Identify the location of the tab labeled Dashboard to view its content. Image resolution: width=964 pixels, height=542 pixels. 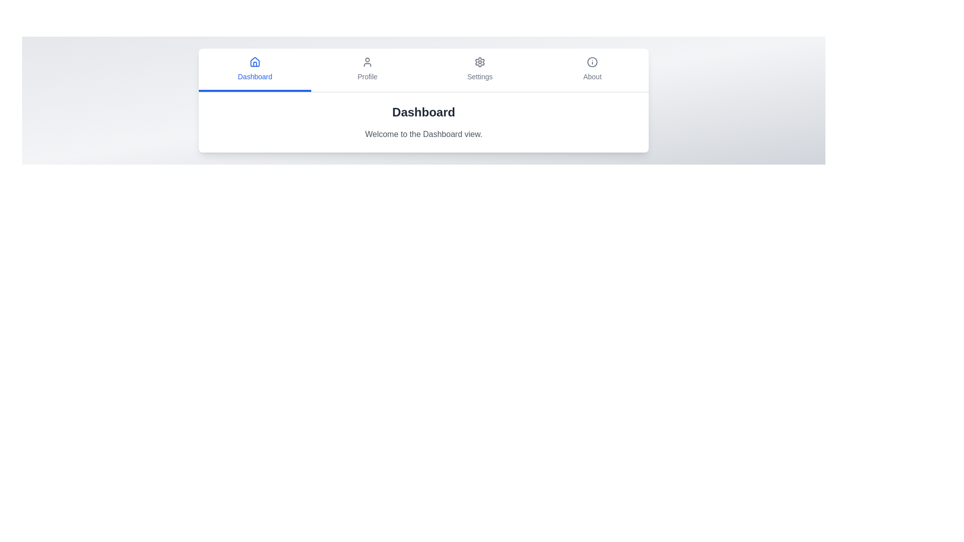
(255, 69).